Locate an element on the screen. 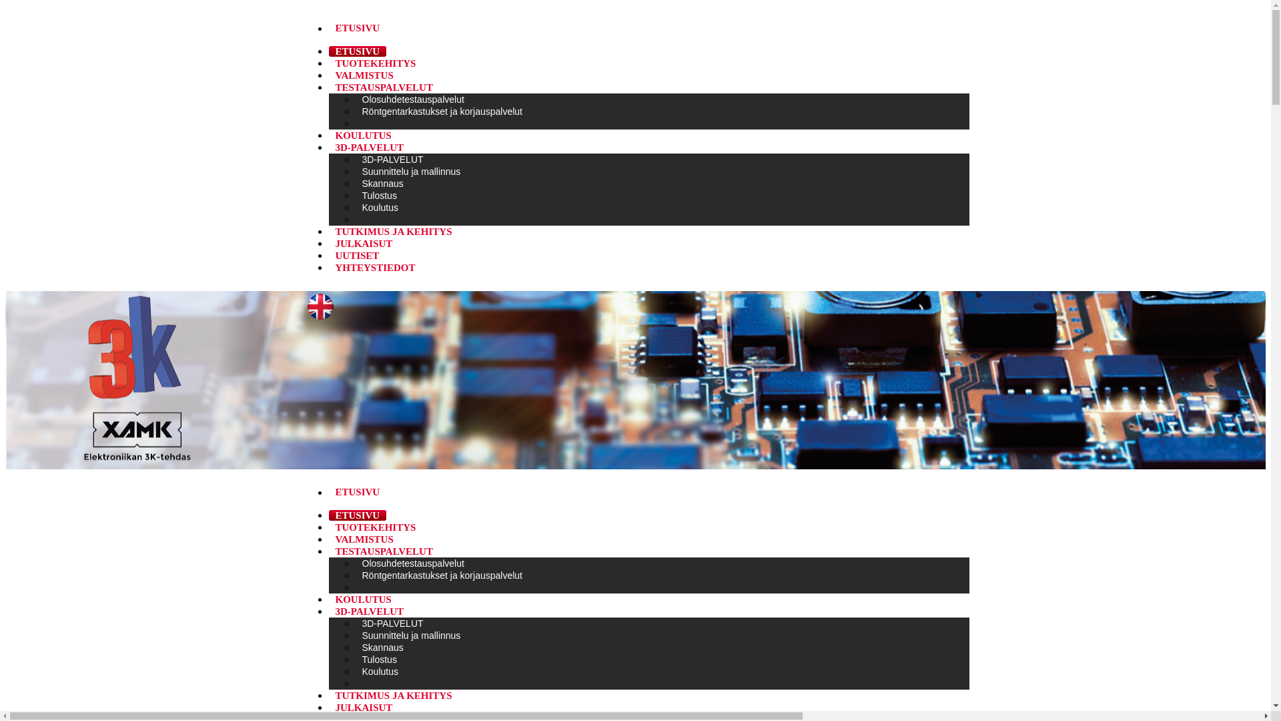  'Olosuhdetestauspalvelut' is located at coordinates (355, 563).